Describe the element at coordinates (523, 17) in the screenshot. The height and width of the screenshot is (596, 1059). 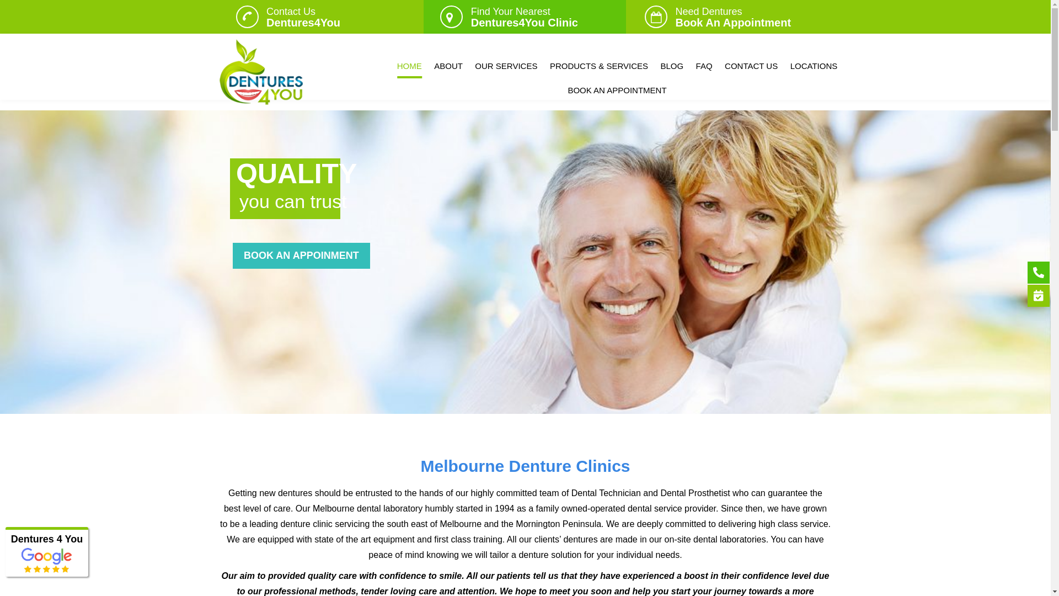
I see `'Find Your Nearest` at that location.